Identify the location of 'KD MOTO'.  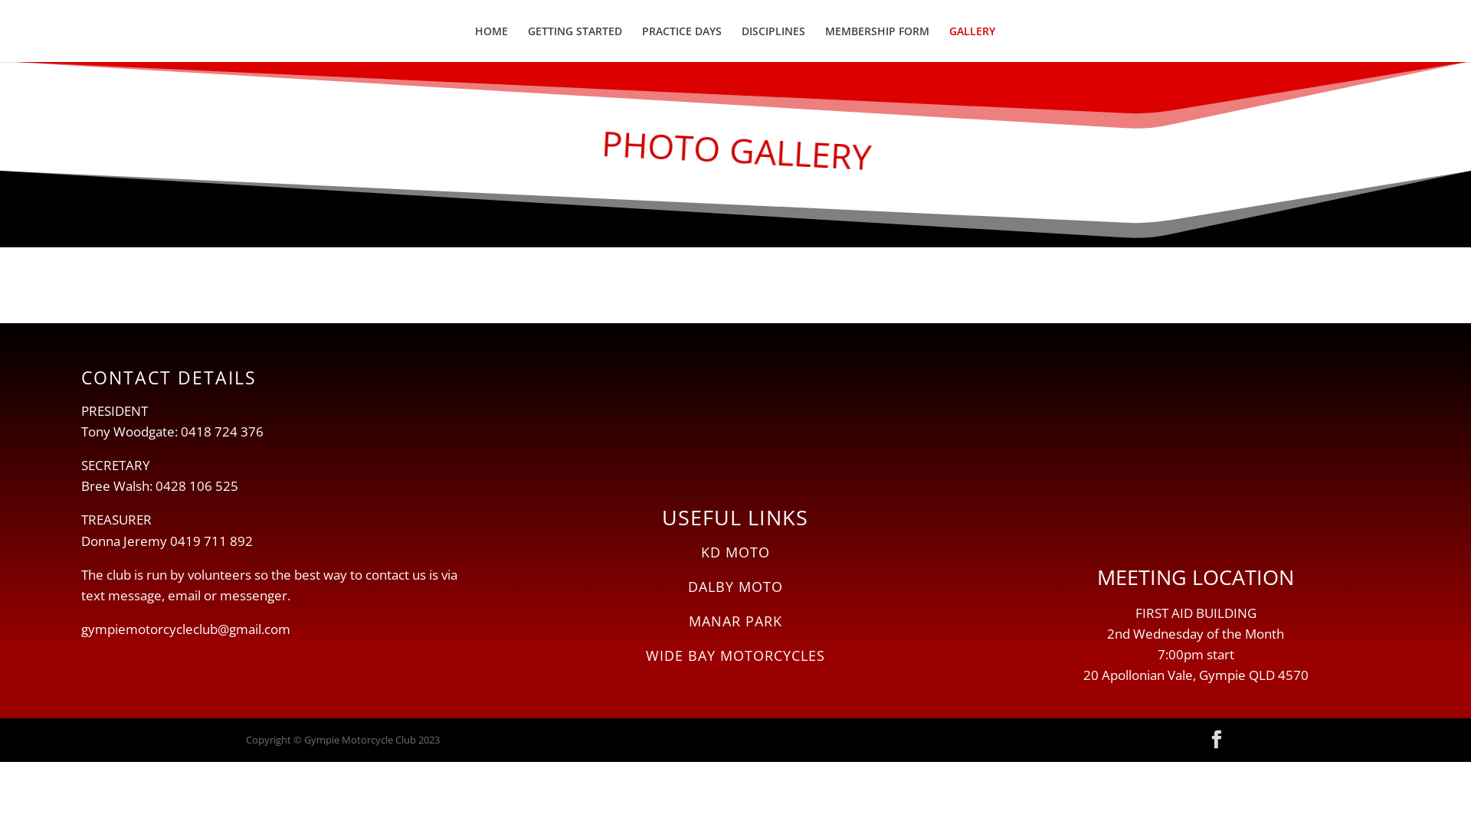
(735, 552).